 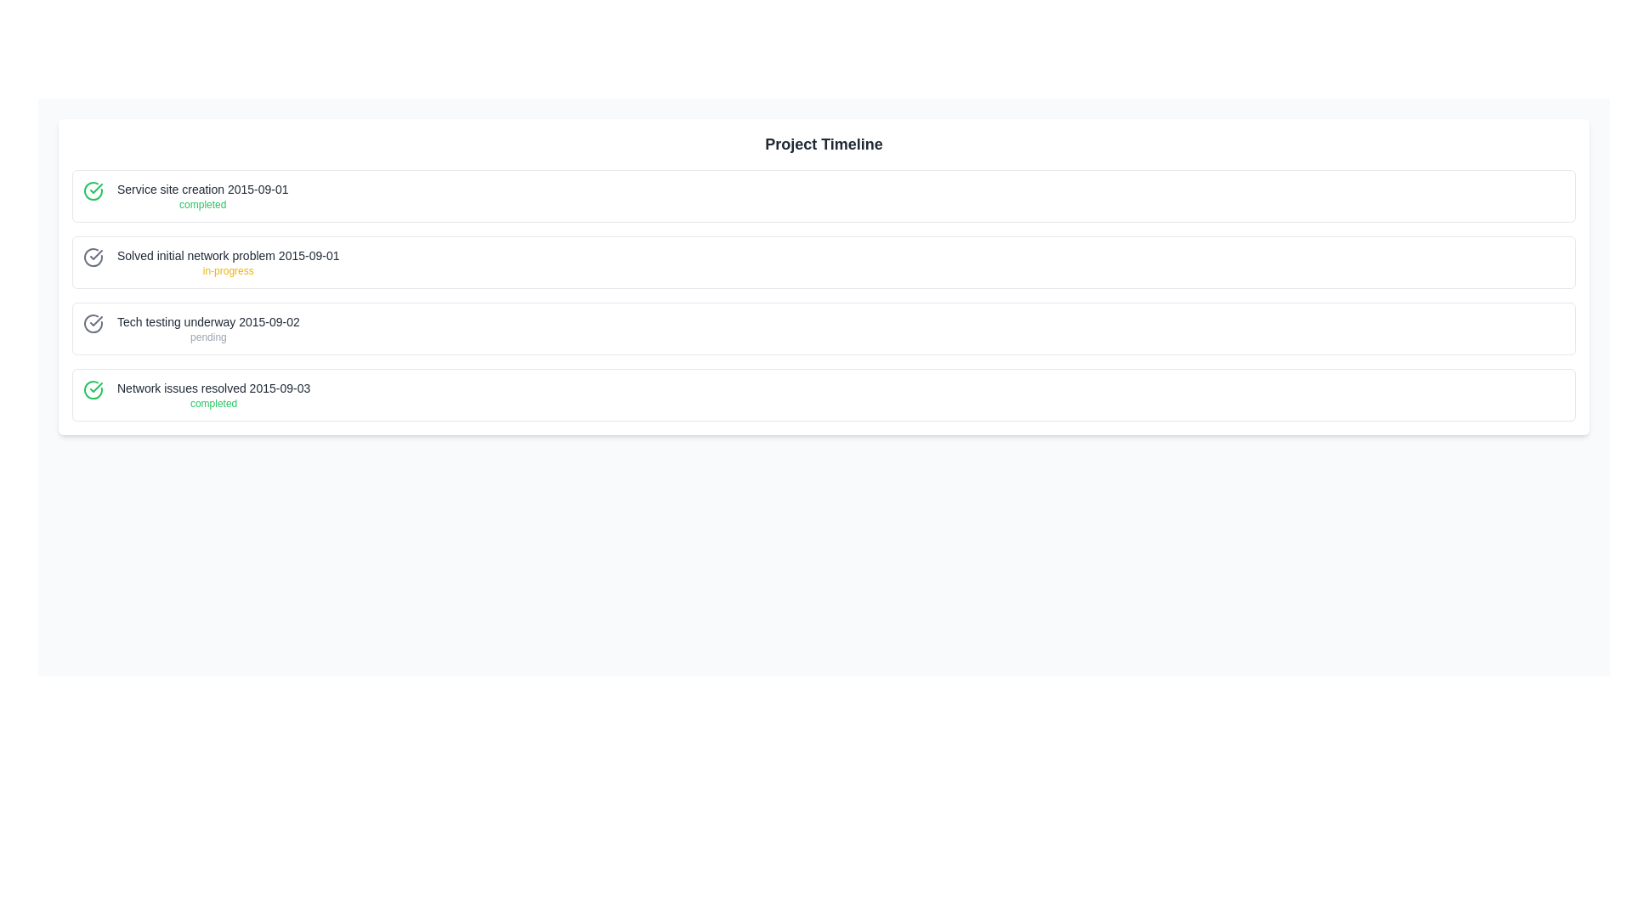 What do you see at coordinates (824, 328) in the screenshot?
I see `the third Timeline entry item labeled 'Tech testing underway'` at bounding box center [824, 328].